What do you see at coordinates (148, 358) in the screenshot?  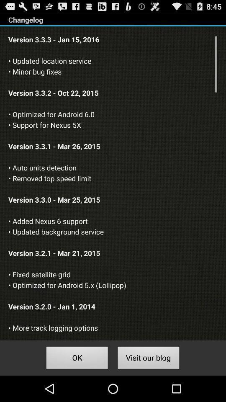 I see `the visit our blog item` at bounding box center [148, 358].